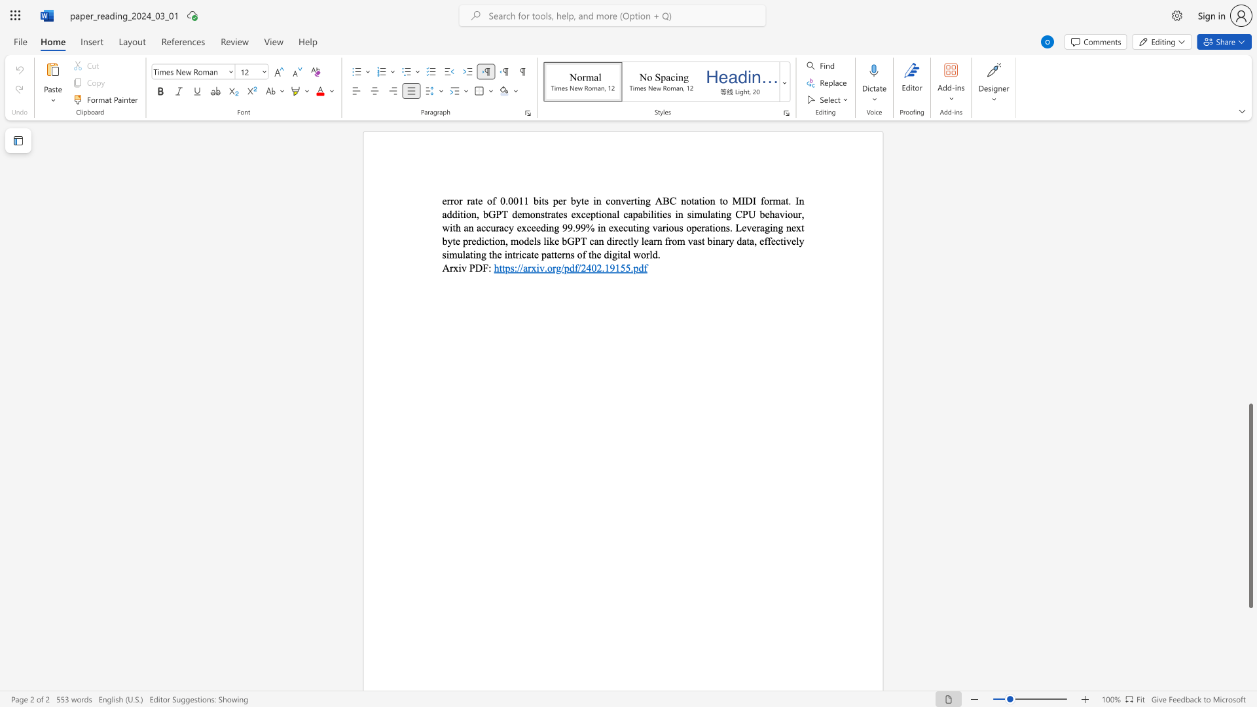 This screenshot has width=1257, height=707. Describe the element at coordinates (1250, 340) in the screenshot. I see `the scrollbar to scroll upward` at that location.